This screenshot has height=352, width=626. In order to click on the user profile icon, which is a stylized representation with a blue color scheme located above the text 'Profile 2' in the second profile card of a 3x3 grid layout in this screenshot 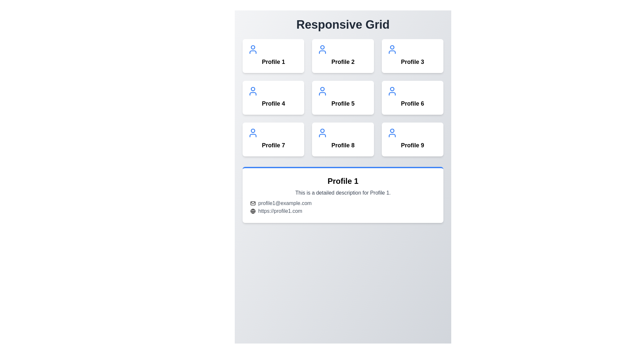, I will do `click(322, 49)`.